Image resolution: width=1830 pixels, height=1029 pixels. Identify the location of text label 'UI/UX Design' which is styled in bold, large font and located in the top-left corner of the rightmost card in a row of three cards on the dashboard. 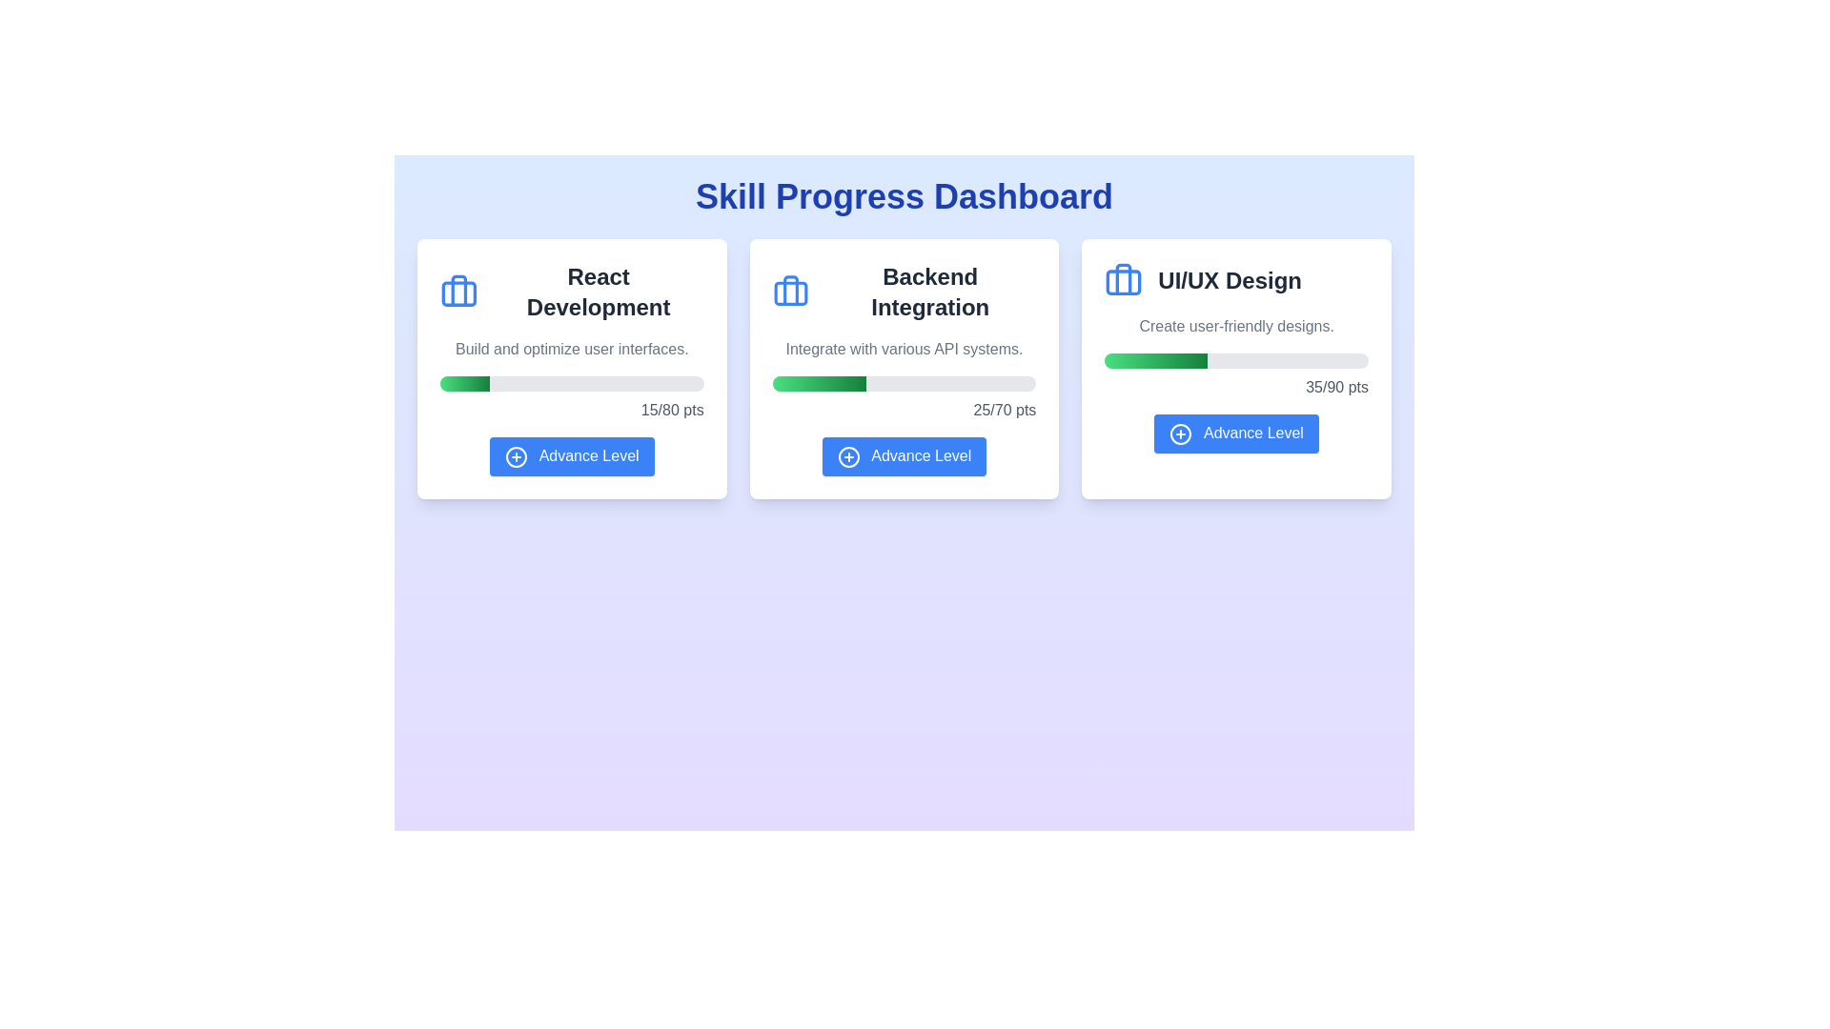
(1236, 280).